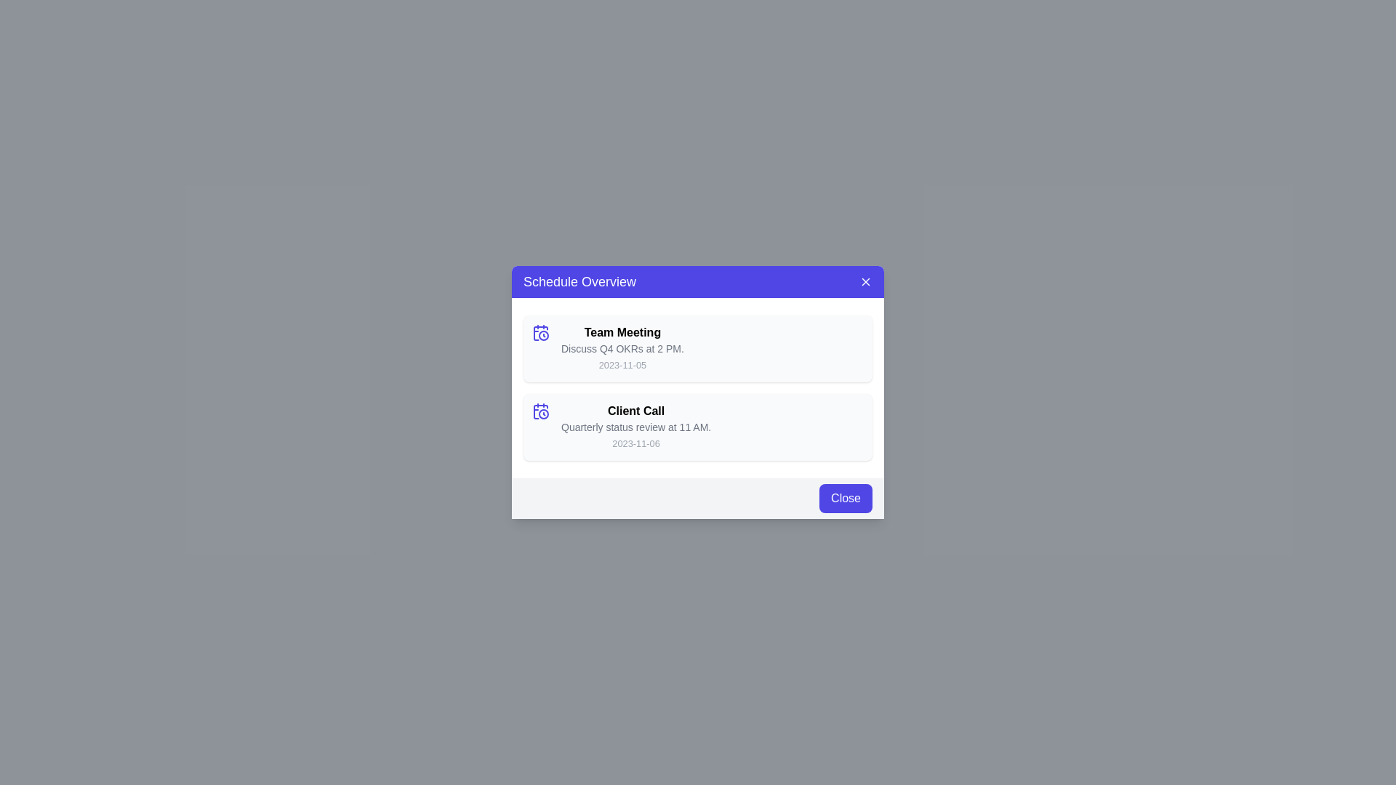 The height and width of the screenshot is (785, 1396). I want to click on the circular SVG element that is styled in indigo and located at the center of the clock portion of the calendar-clock icon, positioned to the left of the 'Client Call' entry in the 'Schedule Overview' dialog, so click(543, 336).